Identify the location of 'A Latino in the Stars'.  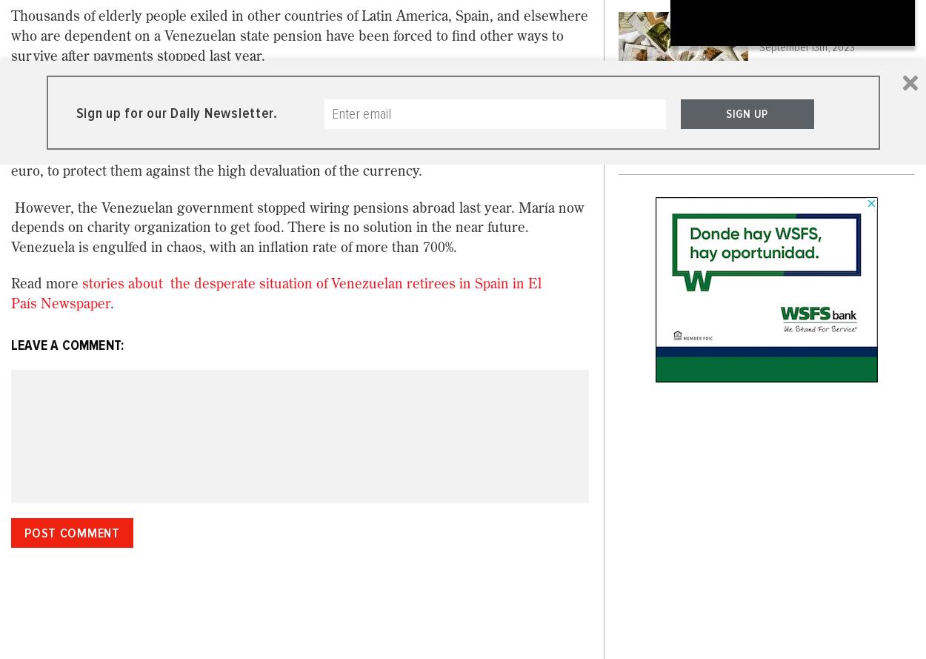
(823, 127).